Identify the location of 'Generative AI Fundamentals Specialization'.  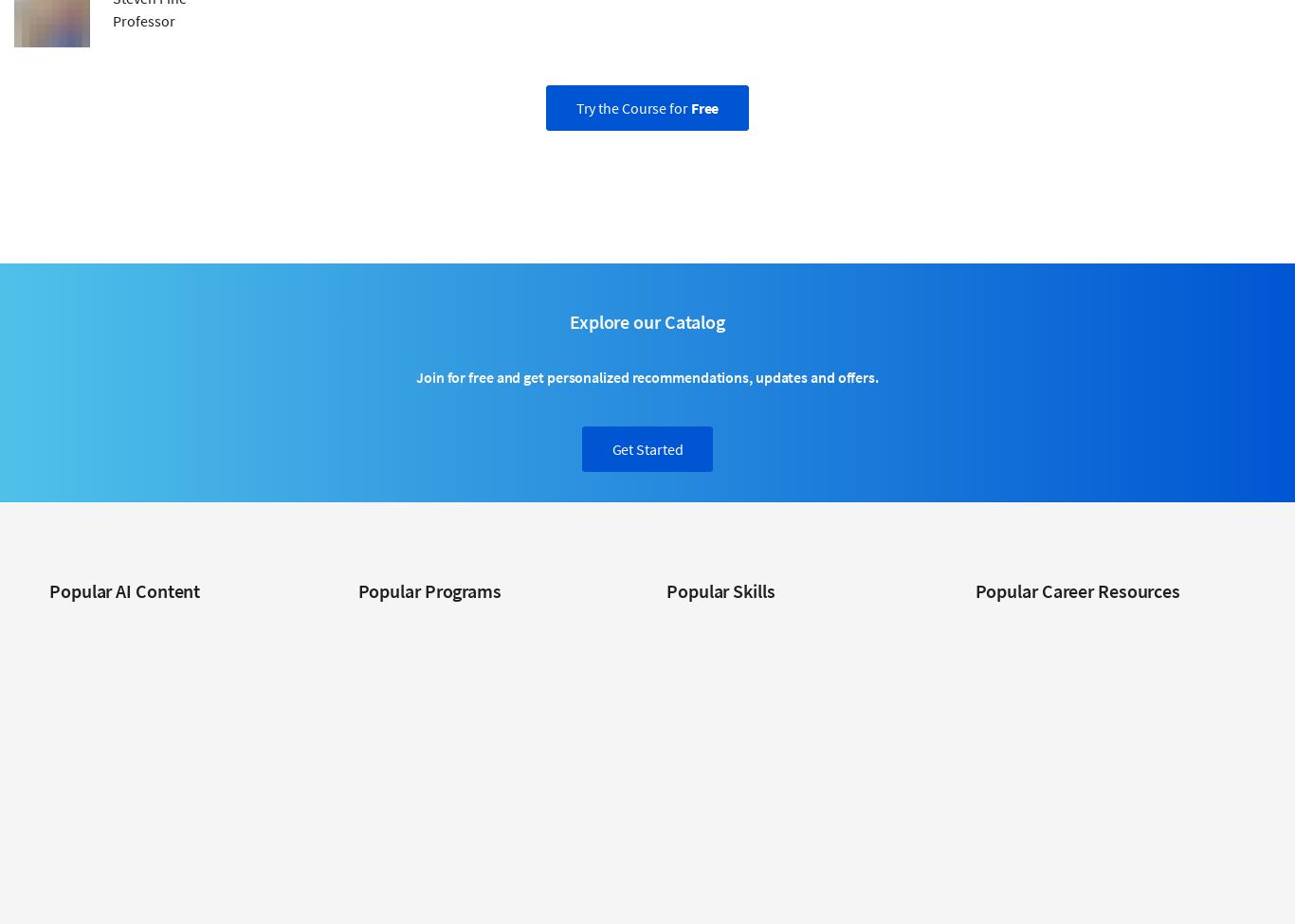
(169, 766).